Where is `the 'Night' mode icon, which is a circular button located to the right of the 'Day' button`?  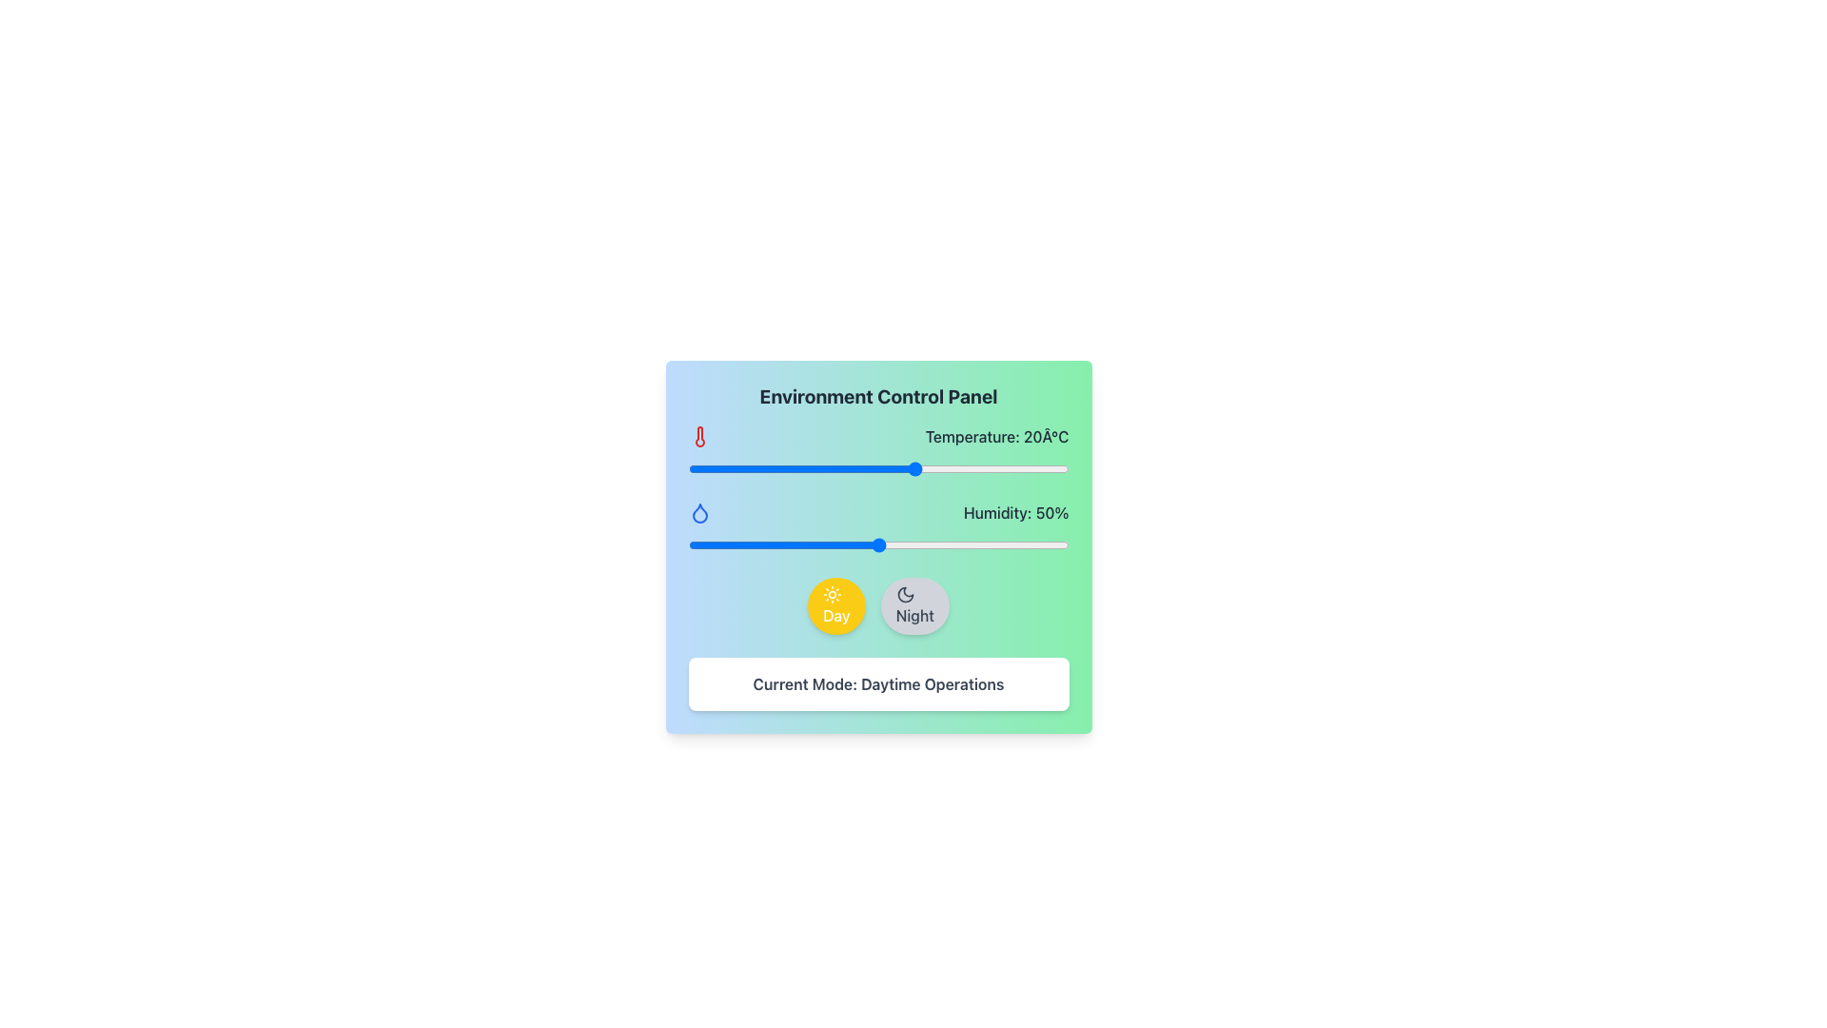
the 'Night' mode icon, which is a circular button located to the right of the 'Day' button is located at coordinates (904, 593).